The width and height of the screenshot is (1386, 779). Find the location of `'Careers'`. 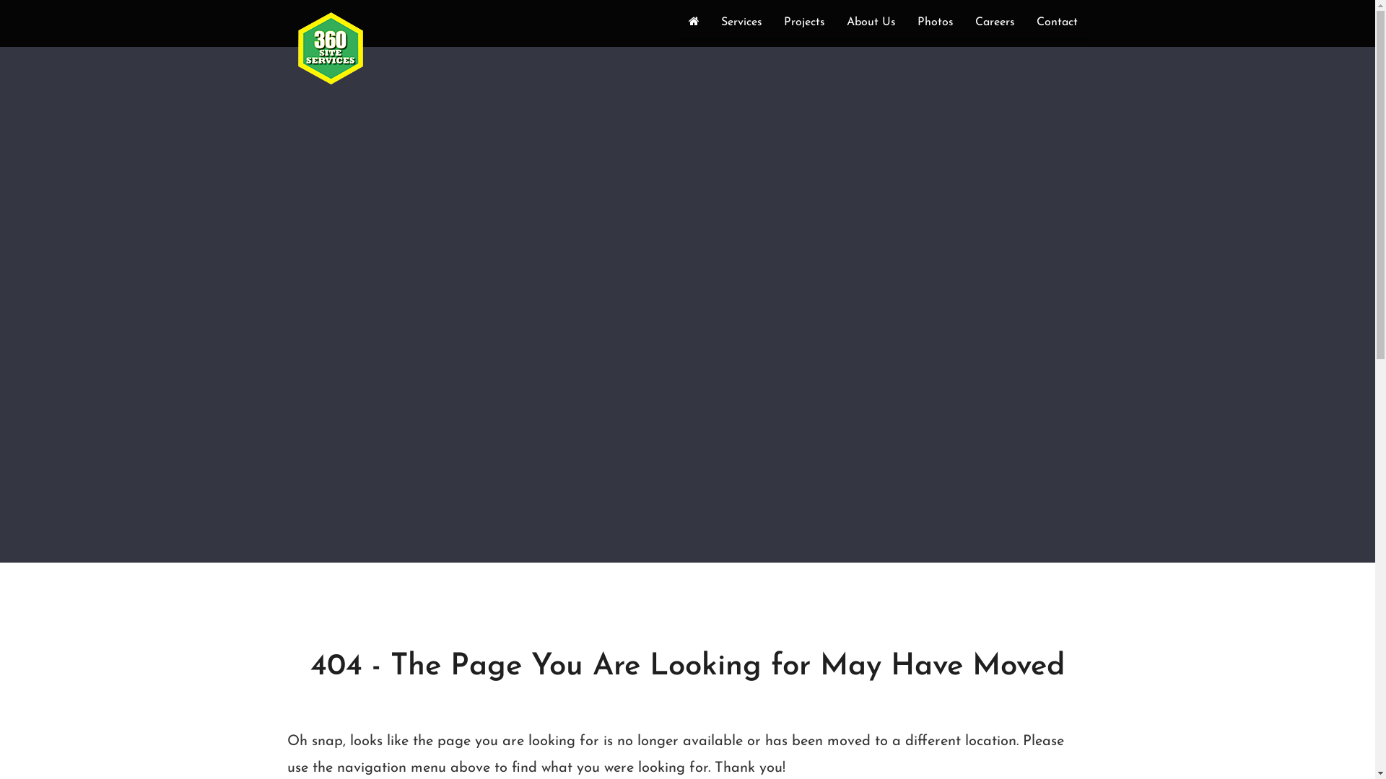

'Careers' is located at coordinates (994, 24).